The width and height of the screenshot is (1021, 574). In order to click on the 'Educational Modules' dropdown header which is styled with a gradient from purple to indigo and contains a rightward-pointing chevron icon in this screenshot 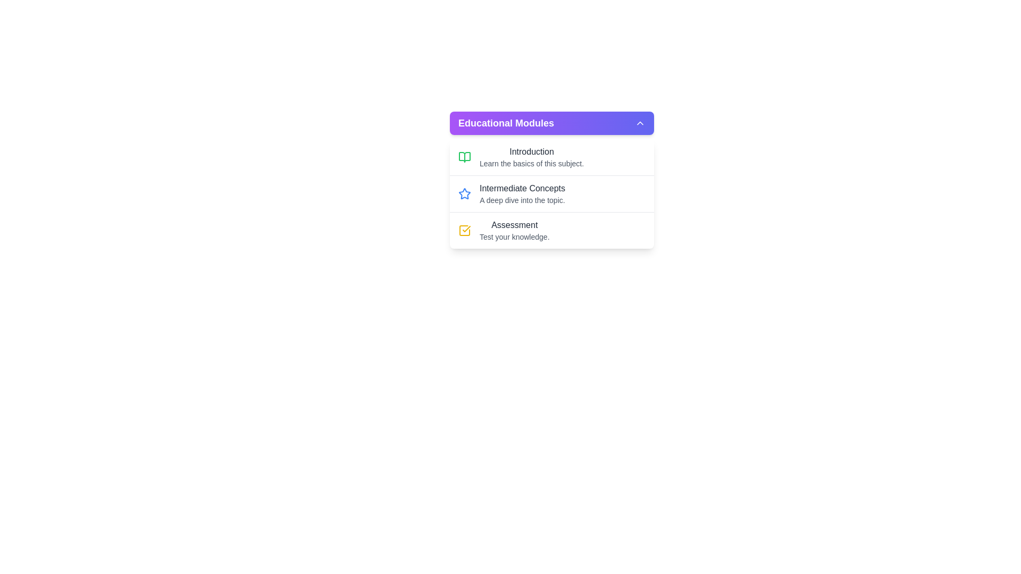, I will do `click(551, 122)`.